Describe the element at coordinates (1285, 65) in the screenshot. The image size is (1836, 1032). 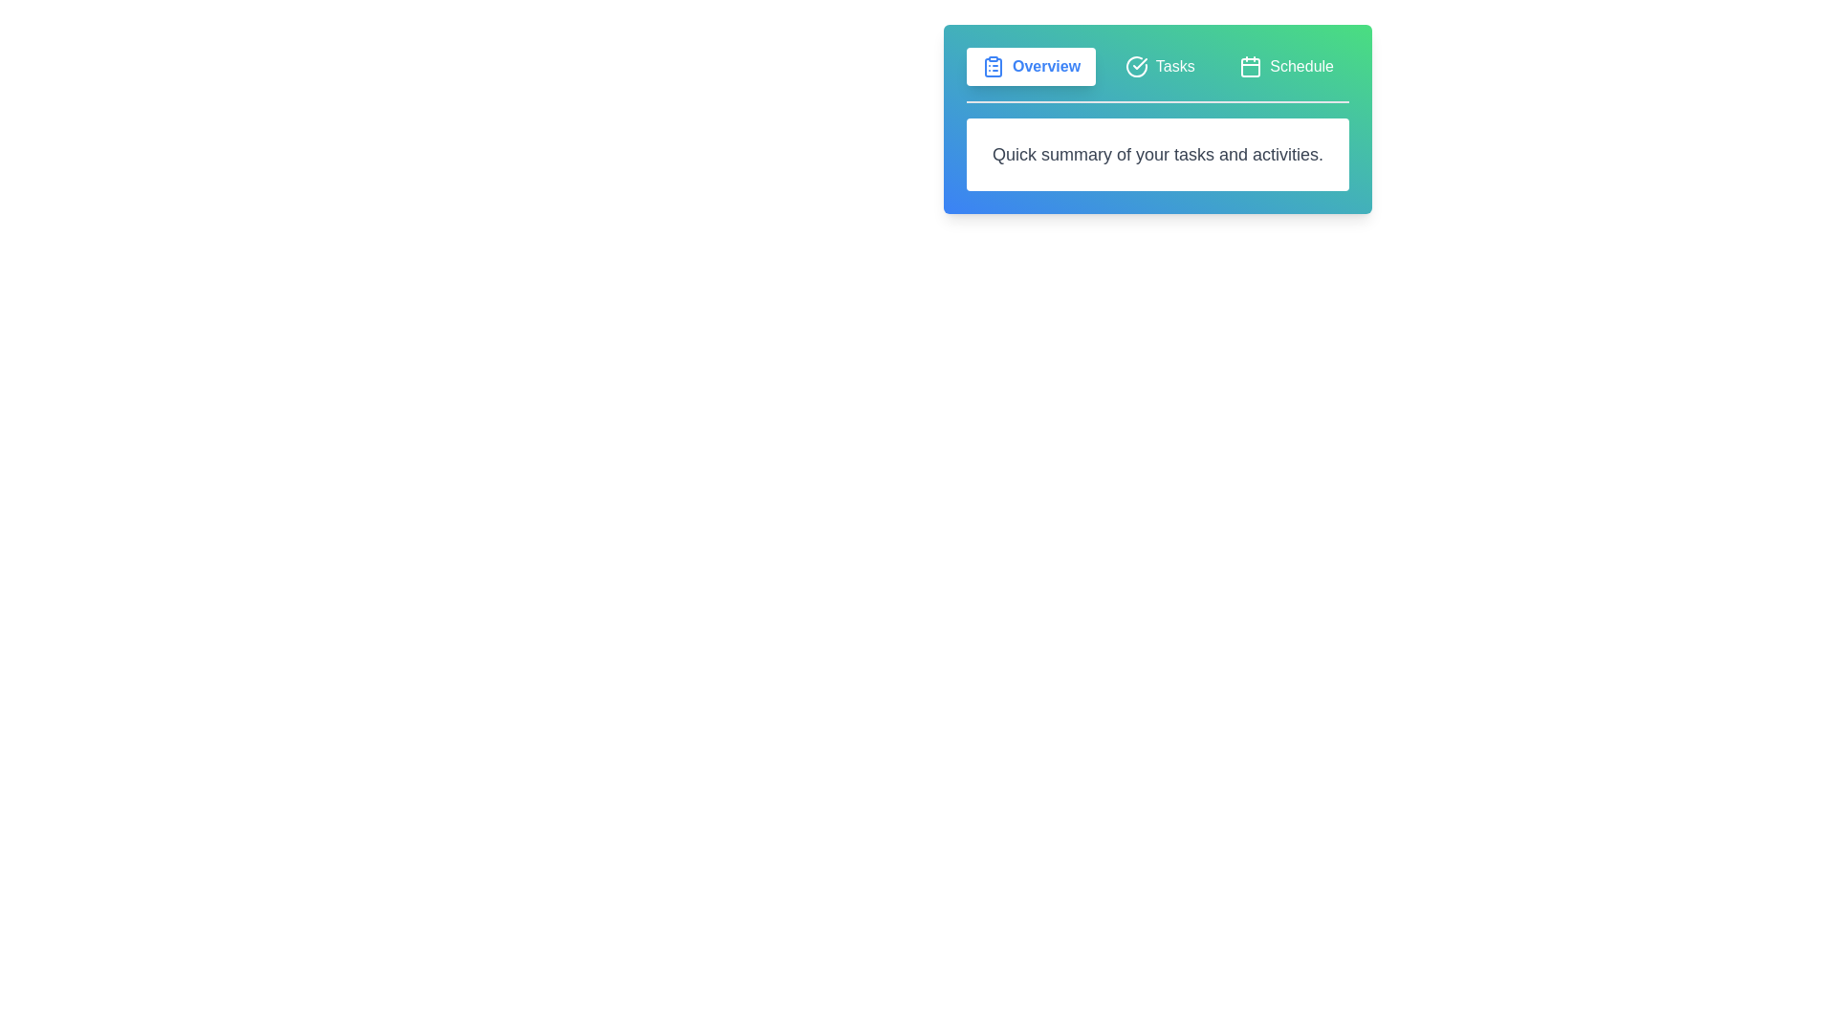
I see `the tab labeled Schedule` at that location.